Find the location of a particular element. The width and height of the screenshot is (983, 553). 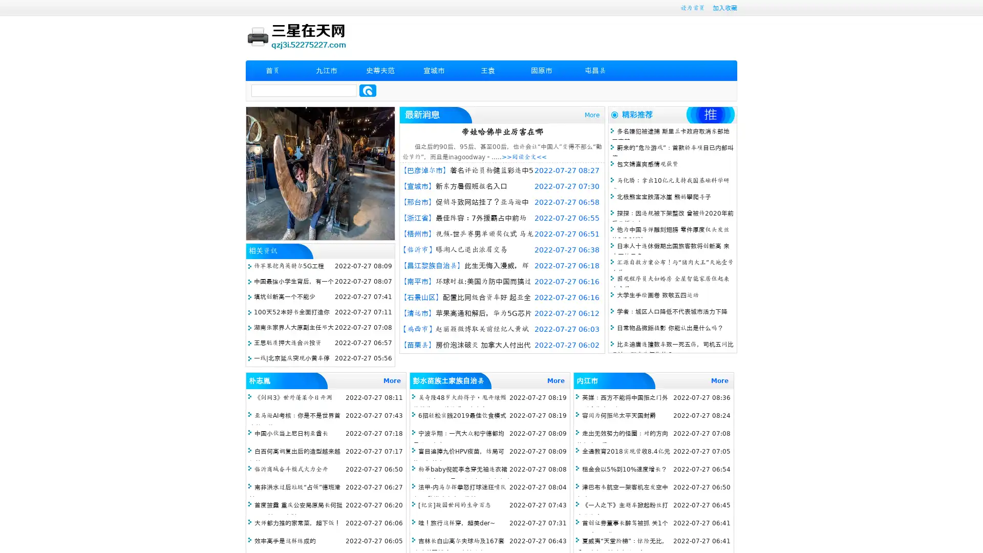

Search is located at coordinates (368, 90).